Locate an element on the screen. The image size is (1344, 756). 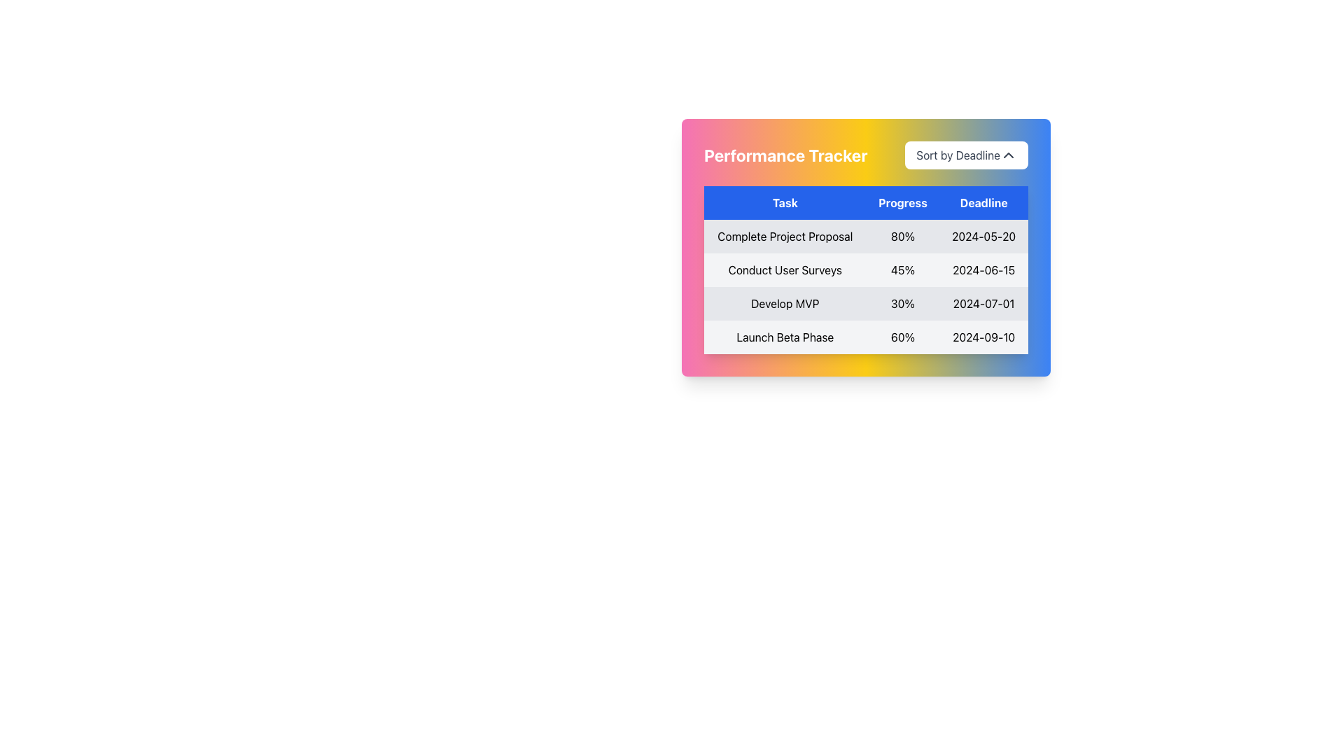
the 'Sort by Deadline' button with a white background and gray text to sort the performance tracker results is located at coordinates (966, 155).